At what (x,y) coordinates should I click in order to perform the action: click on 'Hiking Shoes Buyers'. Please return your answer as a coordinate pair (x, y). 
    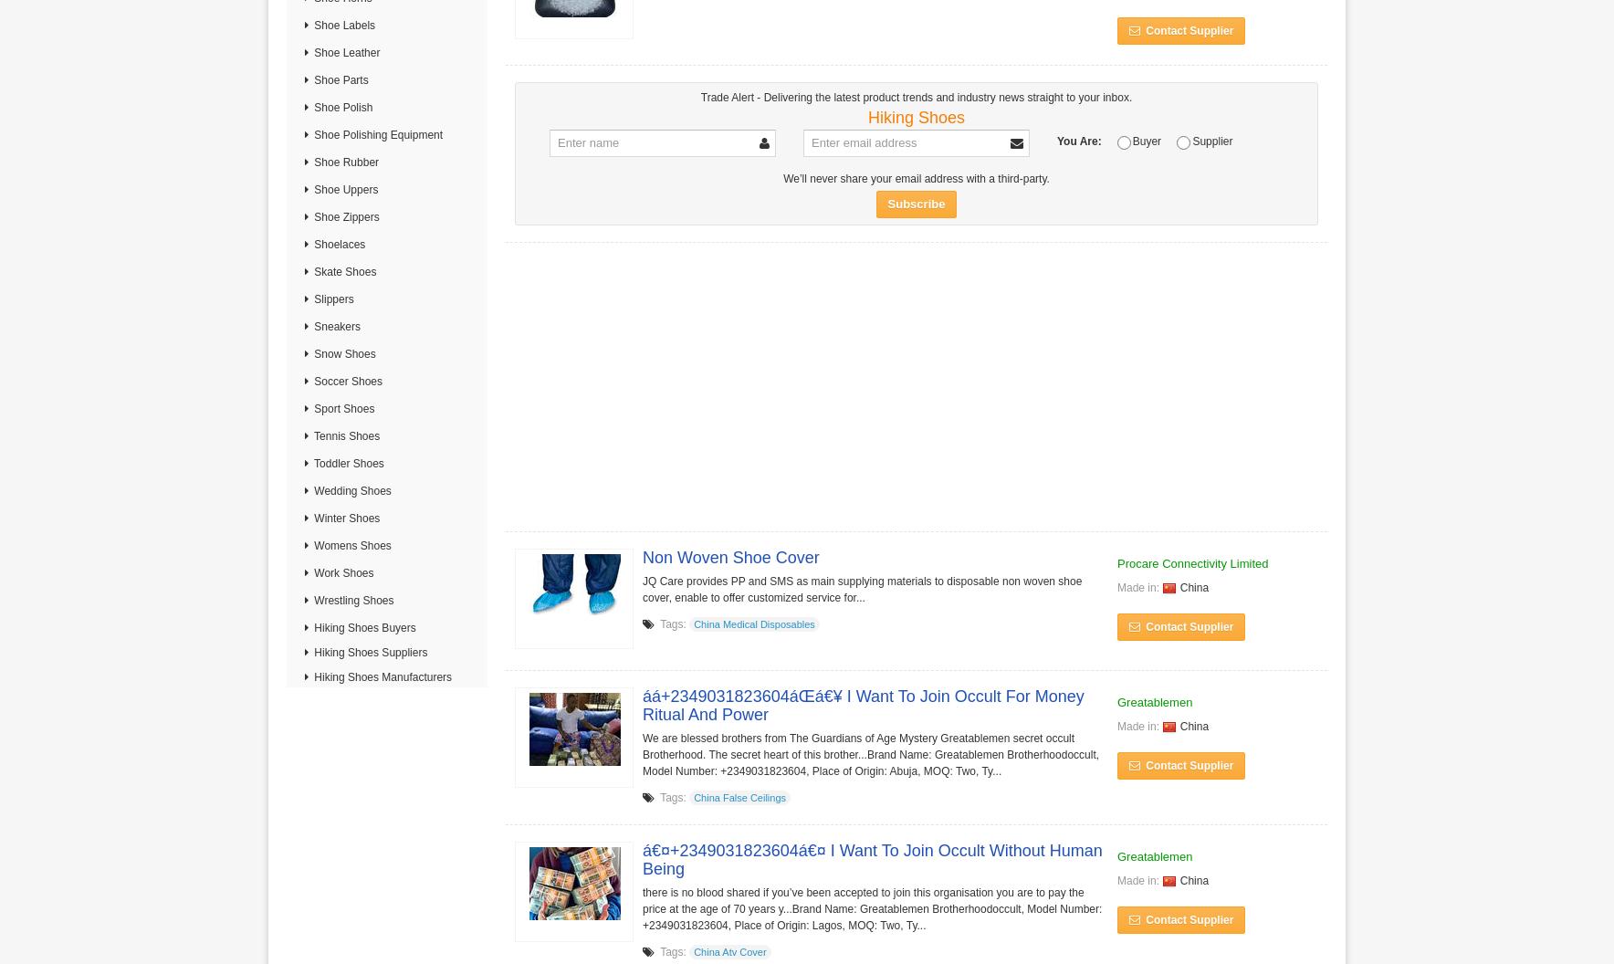
    Looking at the image, I should click on (362, 627).